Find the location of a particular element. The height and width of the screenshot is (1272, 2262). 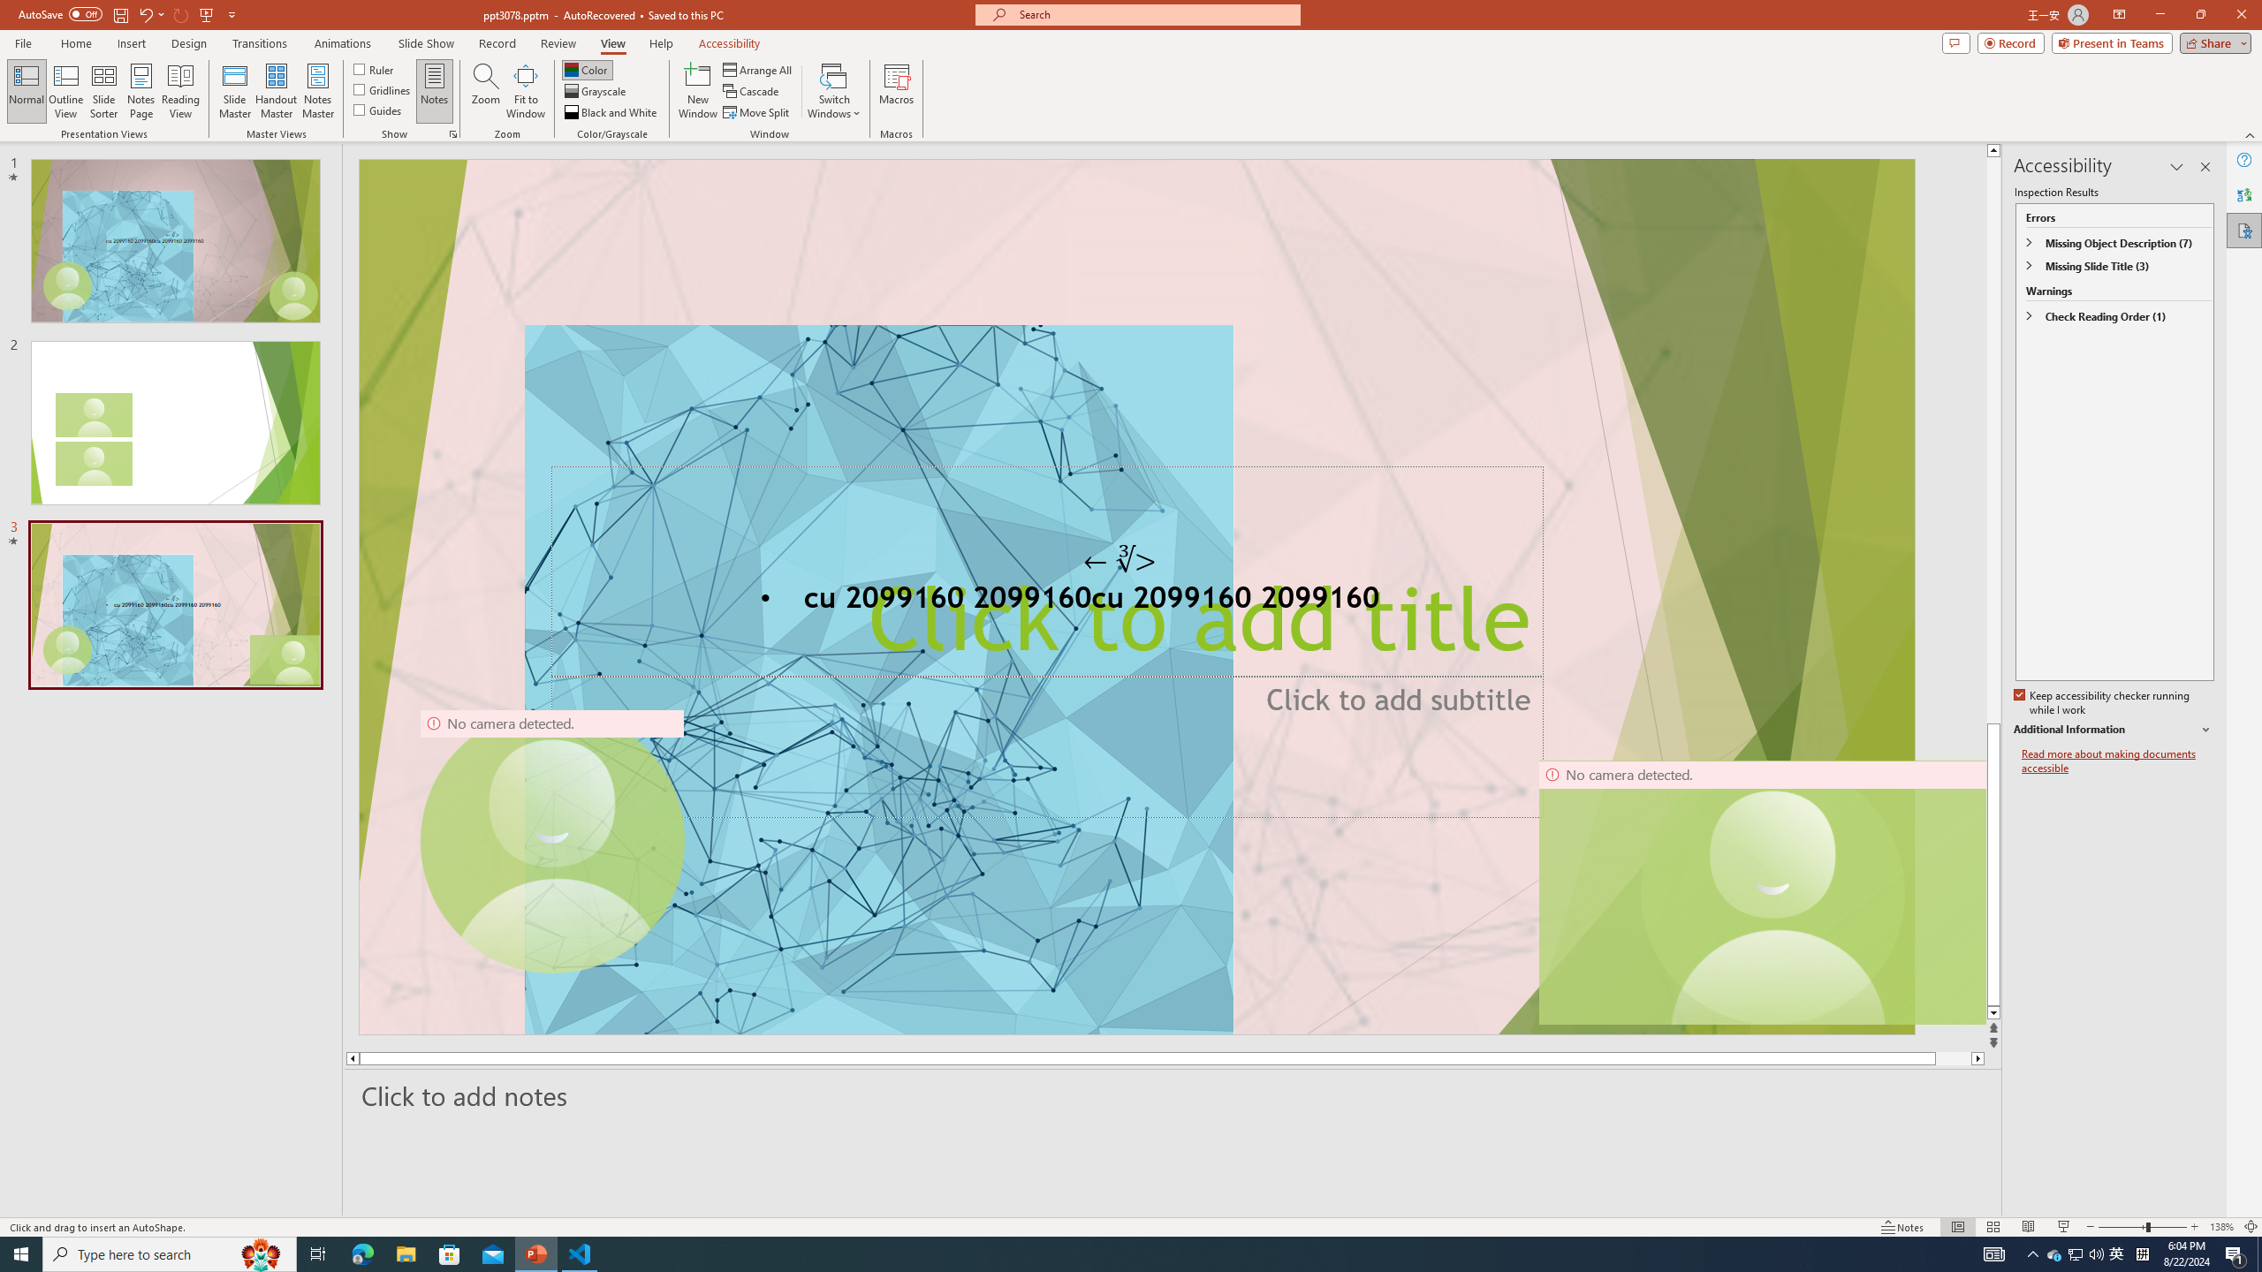

'Cascade' is located at coordinates (752, 91).